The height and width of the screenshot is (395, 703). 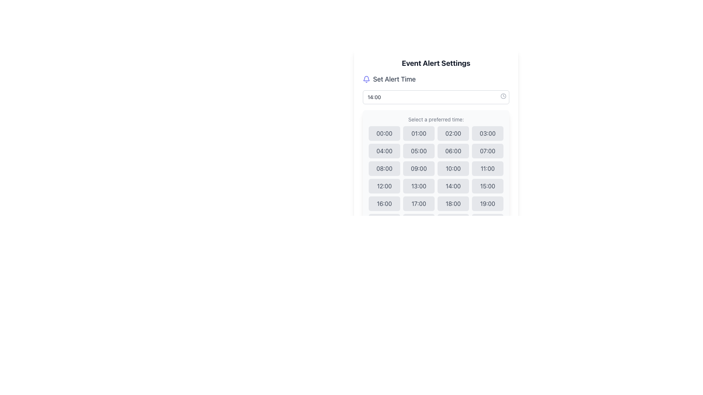 I want to click on the selectable button in the second column of the first row under the 'Select a preferred time:' section, so click(x=419, y=133).